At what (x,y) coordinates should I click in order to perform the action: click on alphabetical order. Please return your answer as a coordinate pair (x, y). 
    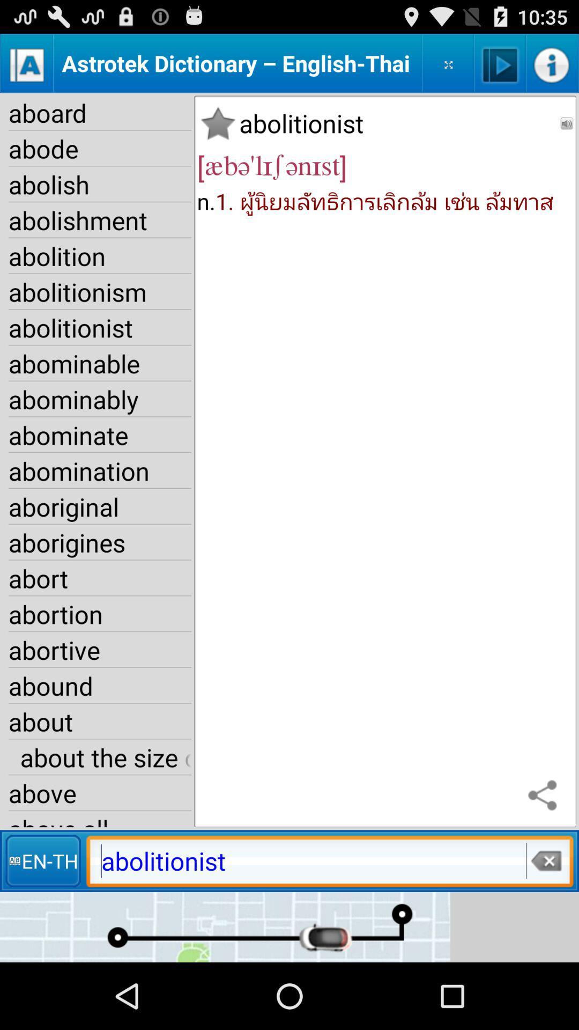
    Looking at the image, I should click on (26, 63).